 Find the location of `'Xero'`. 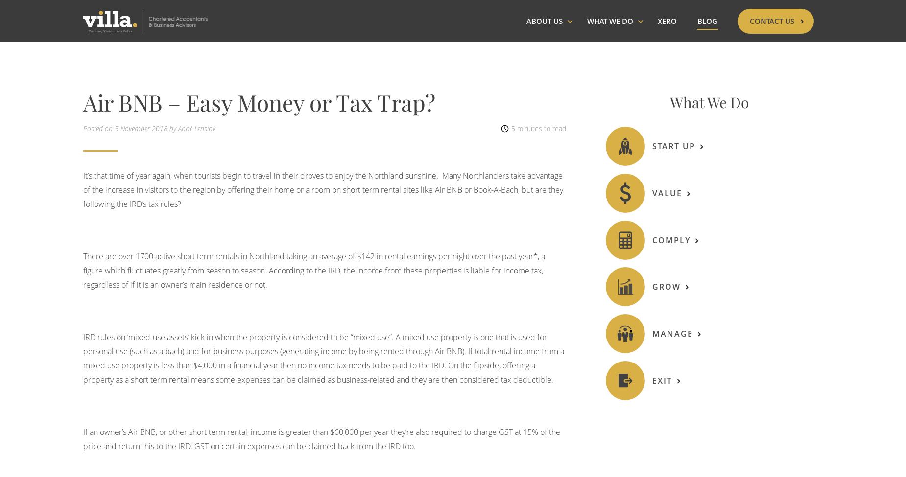

'Xero' is located at coordinates (667, 29).